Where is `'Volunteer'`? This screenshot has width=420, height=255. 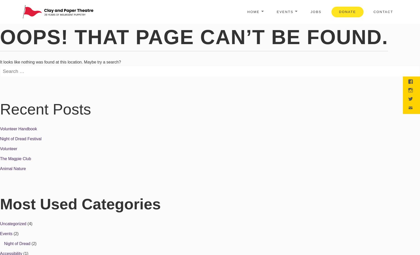
'Volunteer' is located at coordinates (8, 148).